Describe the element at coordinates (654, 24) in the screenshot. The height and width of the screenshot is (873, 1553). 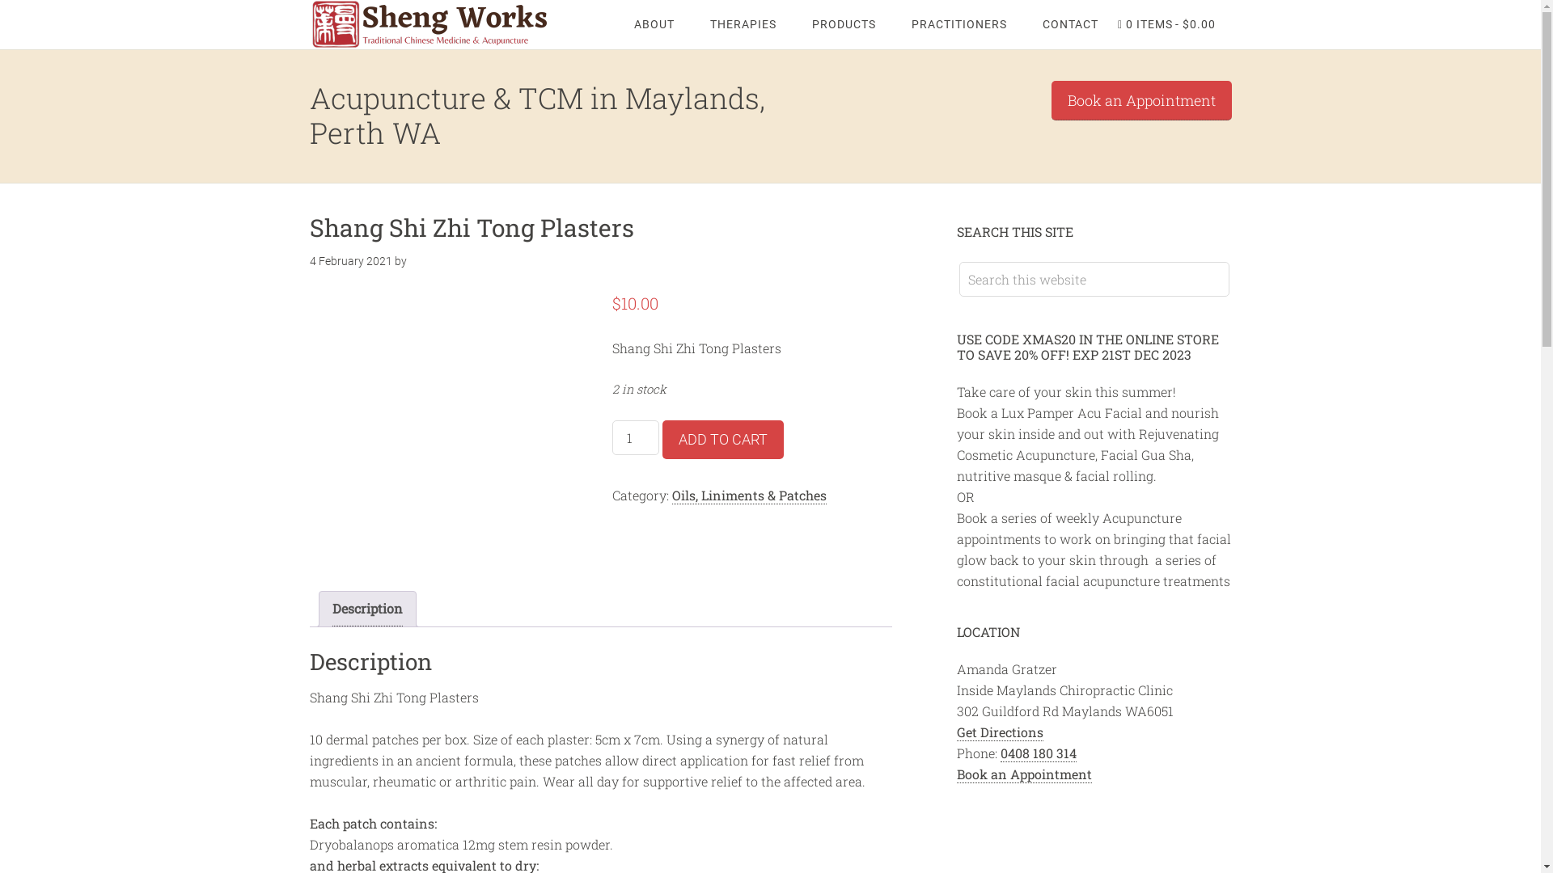
I see `'ABOUT'` at that location.